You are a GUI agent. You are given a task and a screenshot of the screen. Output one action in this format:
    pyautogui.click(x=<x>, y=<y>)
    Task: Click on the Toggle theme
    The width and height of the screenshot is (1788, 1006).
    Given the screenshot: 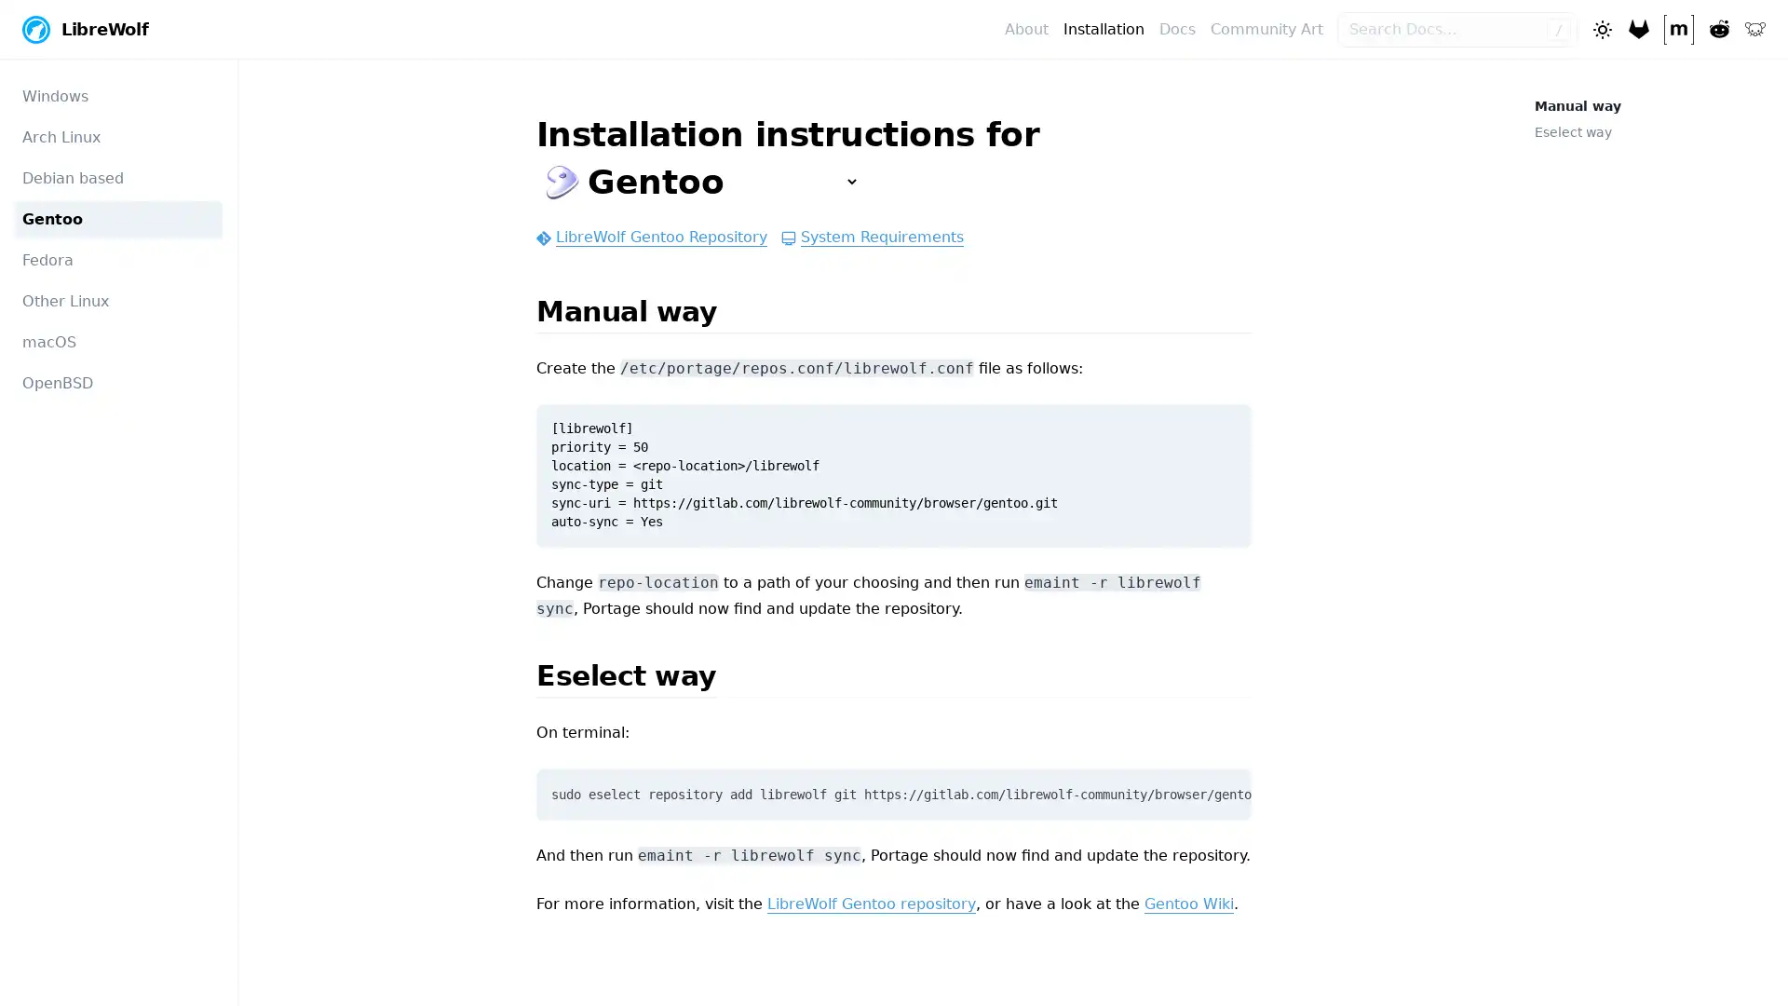 What is the action you would take?
    pyautogui.click(x=1600, y=28)
    